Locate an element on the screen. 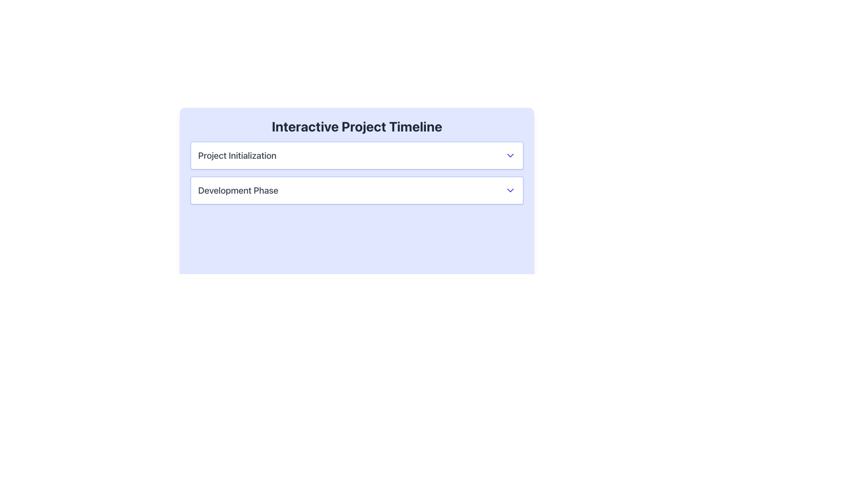 Image resolution: width=859 pixels, height=483 pixels. the text block that serves as the descriptive title or heading for the interface section, positioned at the top and above the list items labeled 'Project Initialization' and 'Development Phase' is located at coordinates (356, 126).